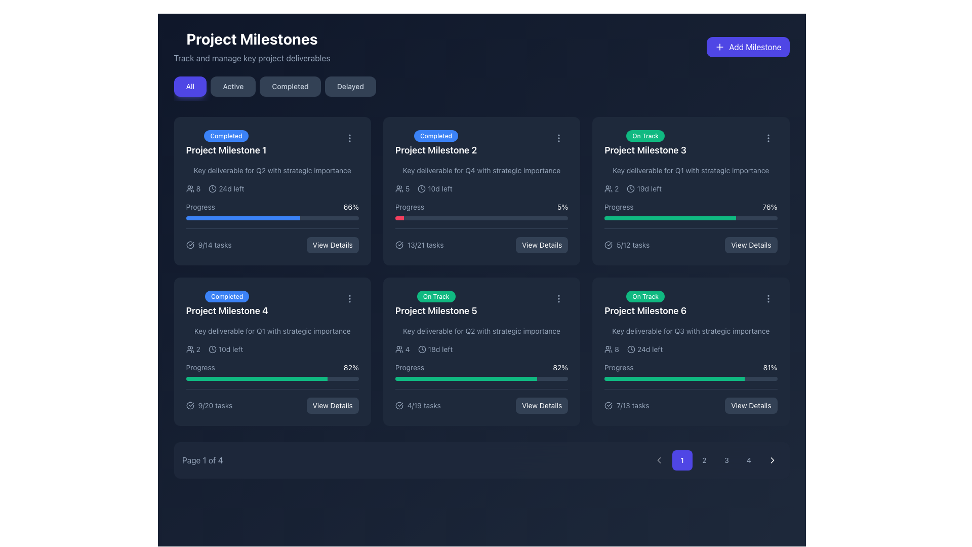 The width and height of the screenshot is (972, 547). What do you see at coordinates (608, 245) in the screenshot?
I see `the status of the progress marker icon located in the top-right card titled 'Project Milestone 3', adjacent to the '5/12 tasks' text` at bounding box center [608, 245].